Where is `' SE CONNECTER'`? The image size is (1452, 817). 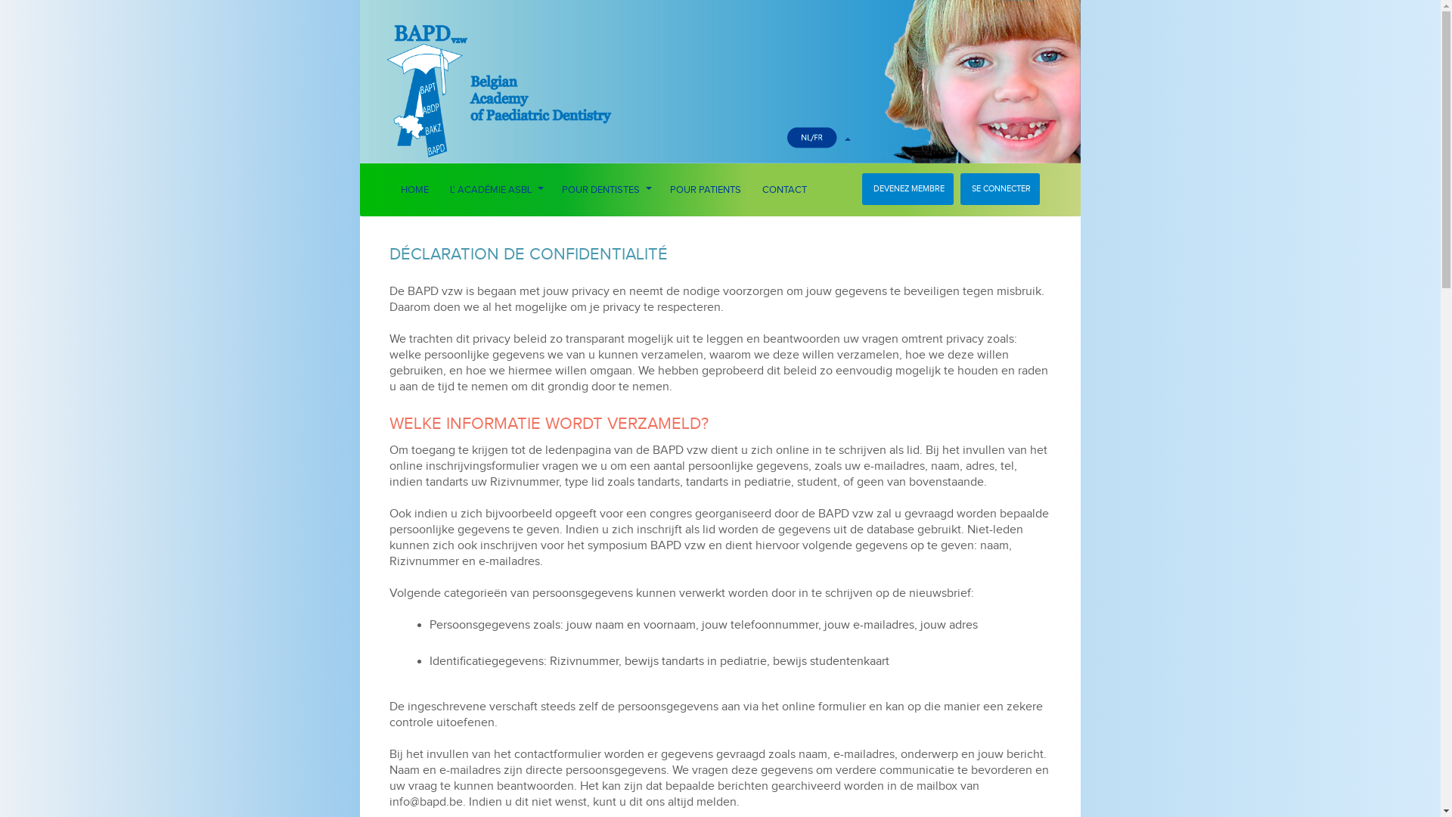
' SE CONNECTER' is located at coordinates (1000, 188).